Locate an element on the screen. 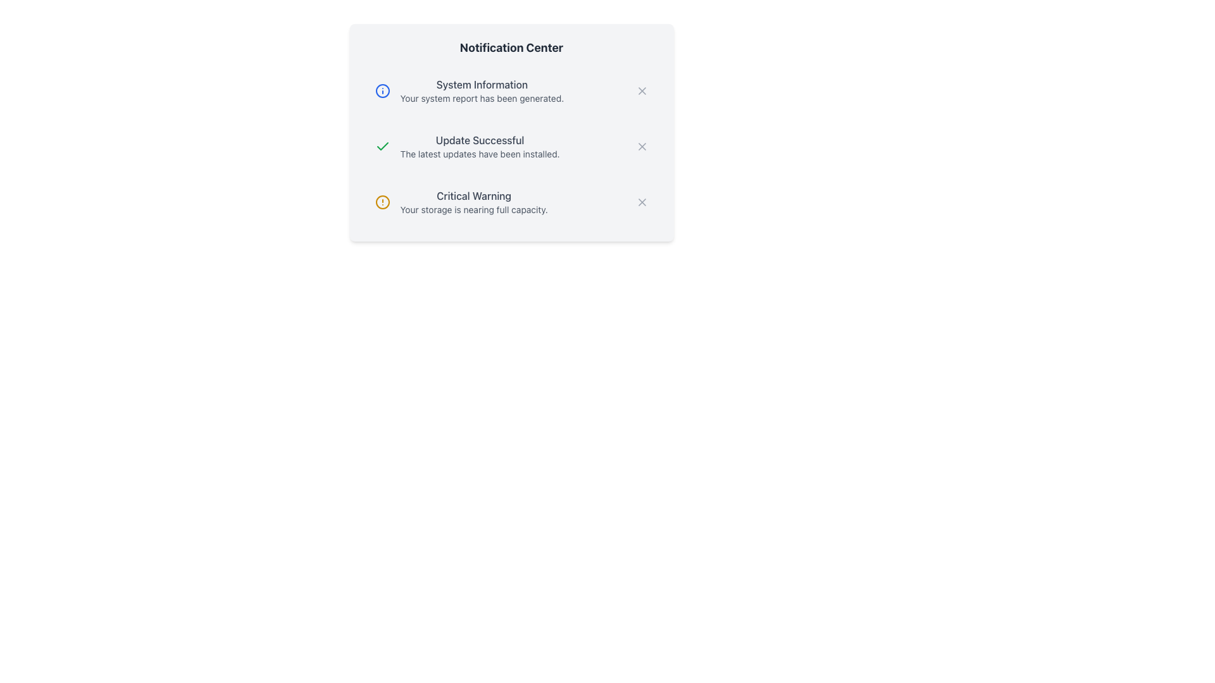  the 'X' icon button in gray tones located in the top-right corner of the 'Critical Warning' notification panel to change its color is located at coordinates (642, 202).